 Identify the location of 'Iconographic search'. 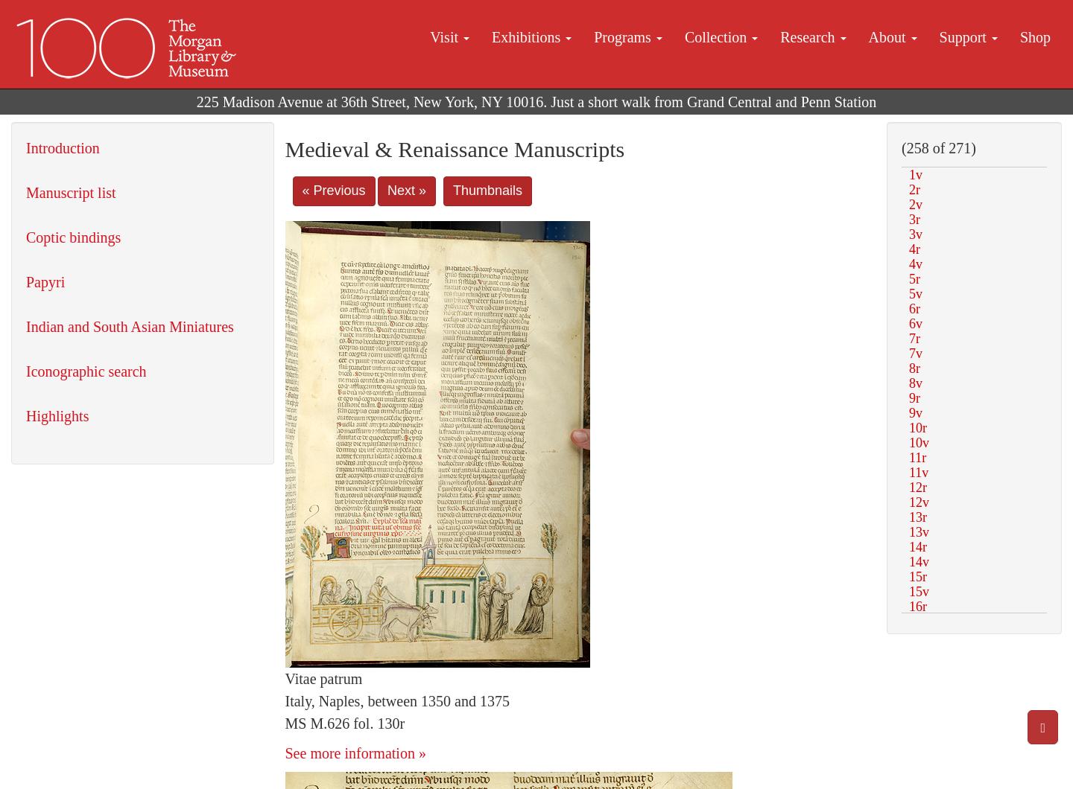
(86, 371).